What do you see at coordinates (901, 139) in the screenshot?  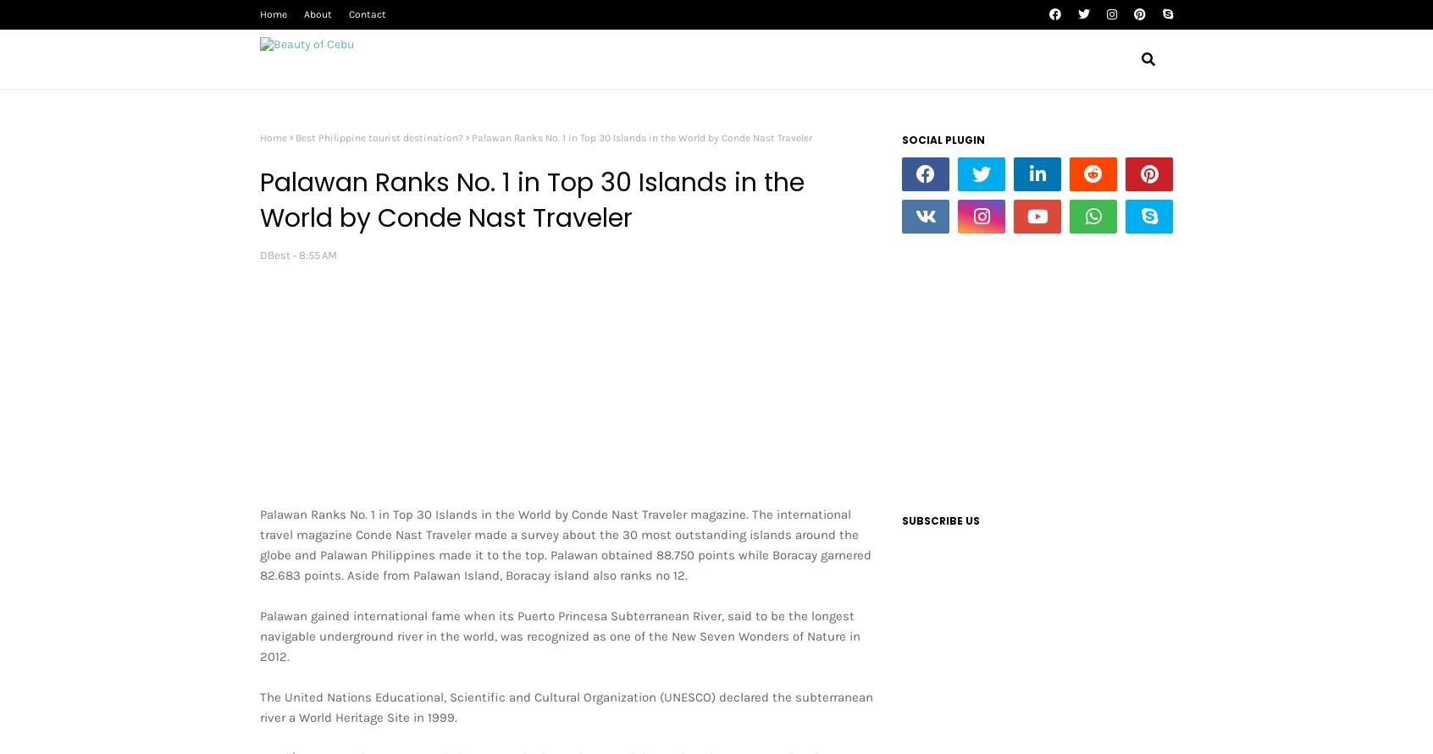 I see `'Social Plugin'` at bounding box center [901, 139].